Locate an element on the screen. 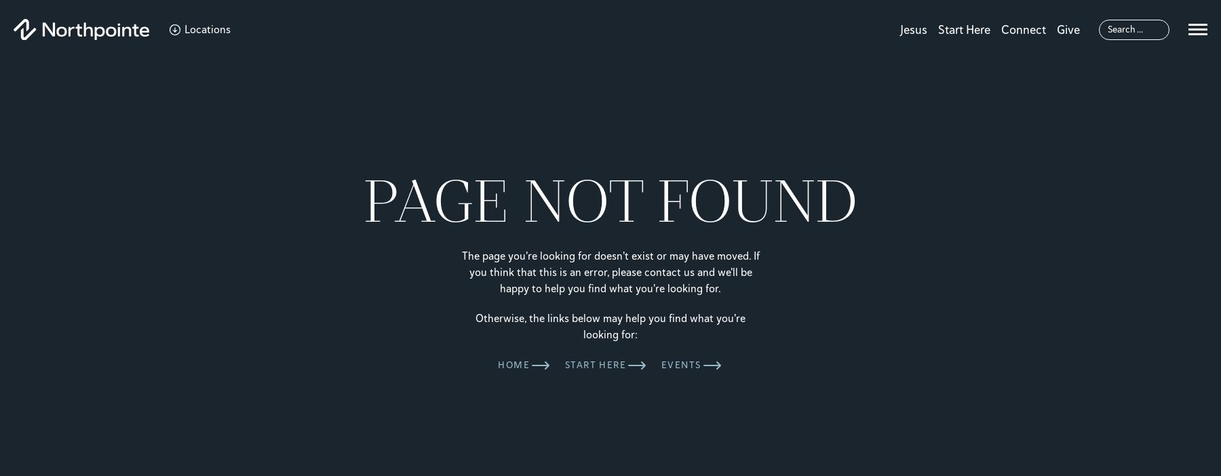  'Otherwise, the links below may help you find what you're looking for:' is located at coordinates (610, 325).